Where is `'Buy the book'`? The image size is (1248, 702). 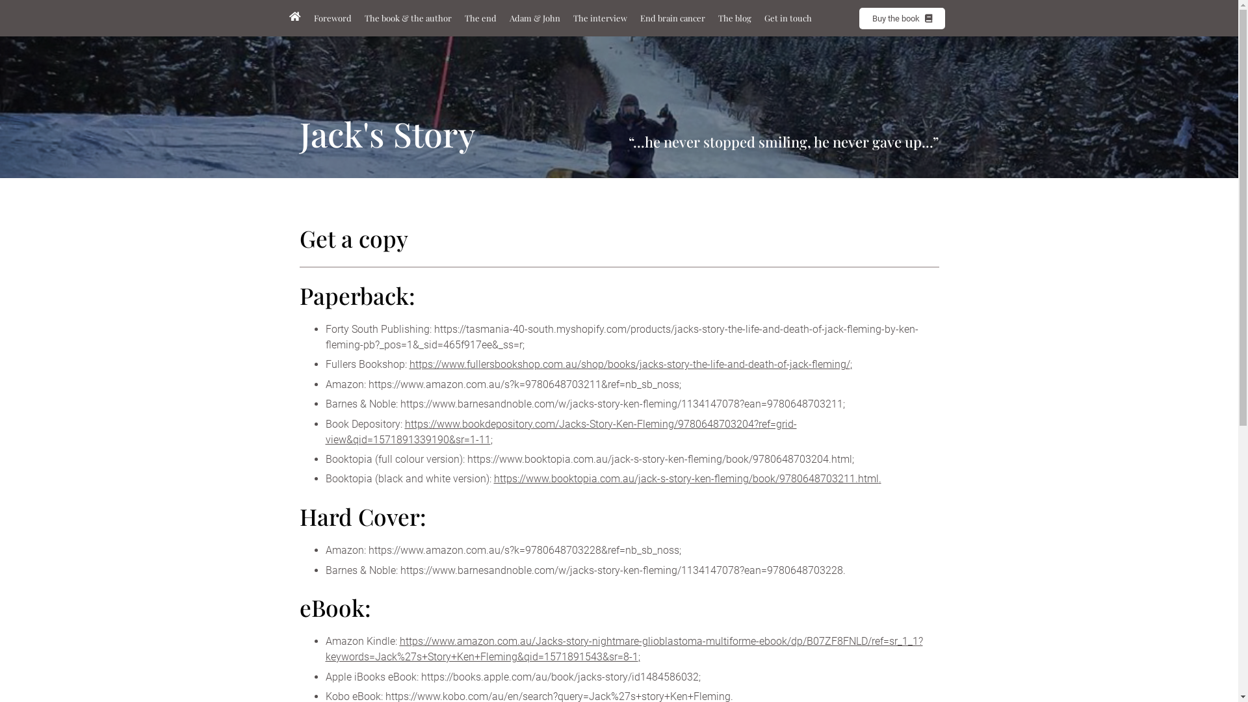 'Buy the book' is located at coordinates (901, 18).